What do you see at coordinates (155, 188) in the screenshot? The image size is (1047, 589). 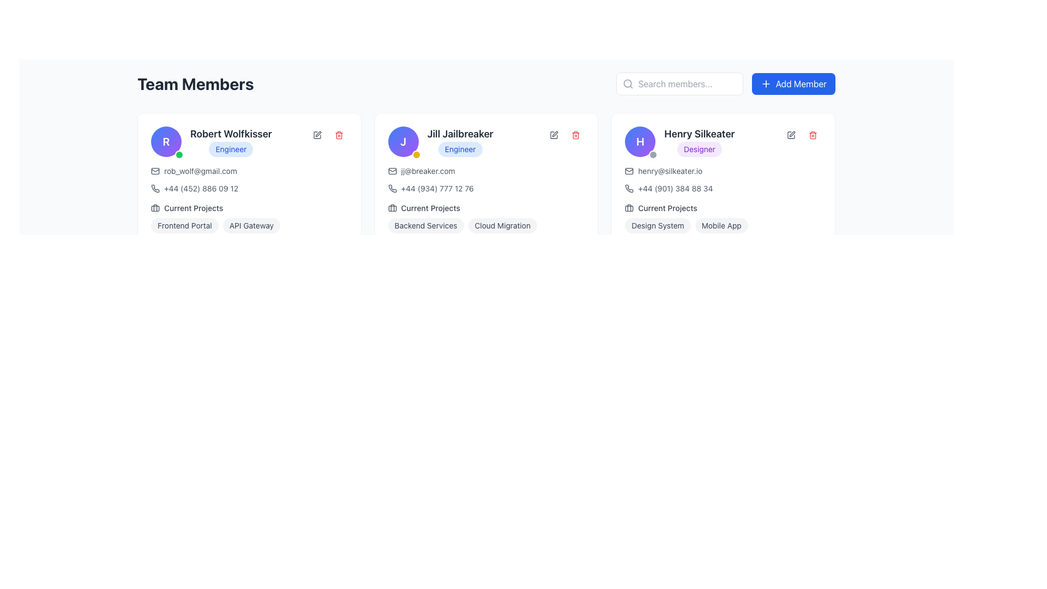 I see `the phone icon located within the first team member's card, positioned beneath the name and email address, if it is interactive` at bounding box center [155, 188].